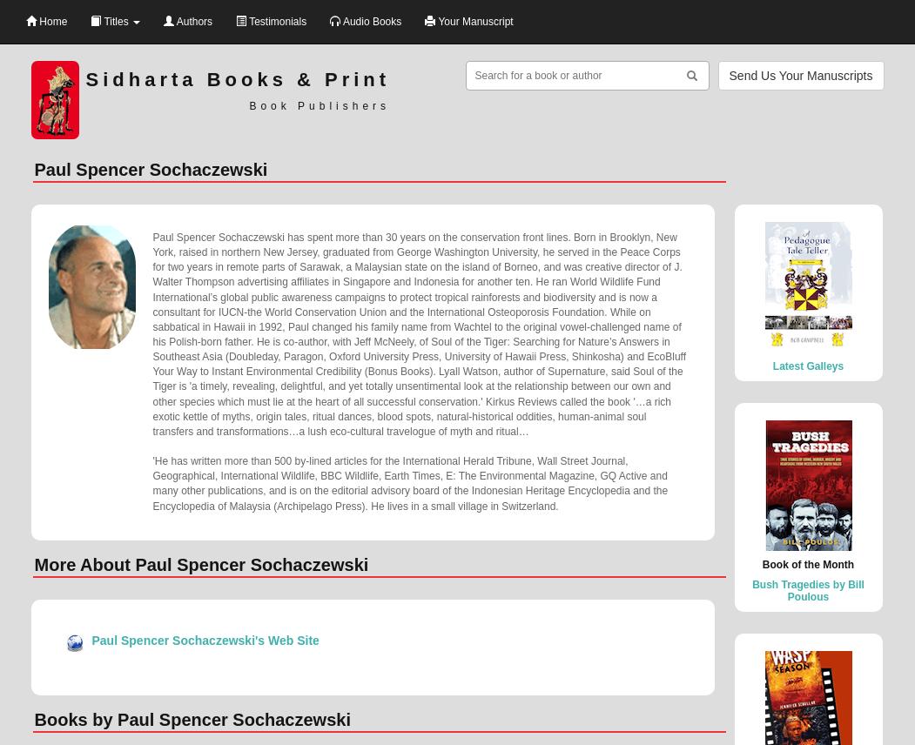  I want to click on 'Testimonials', so click(275, 21).